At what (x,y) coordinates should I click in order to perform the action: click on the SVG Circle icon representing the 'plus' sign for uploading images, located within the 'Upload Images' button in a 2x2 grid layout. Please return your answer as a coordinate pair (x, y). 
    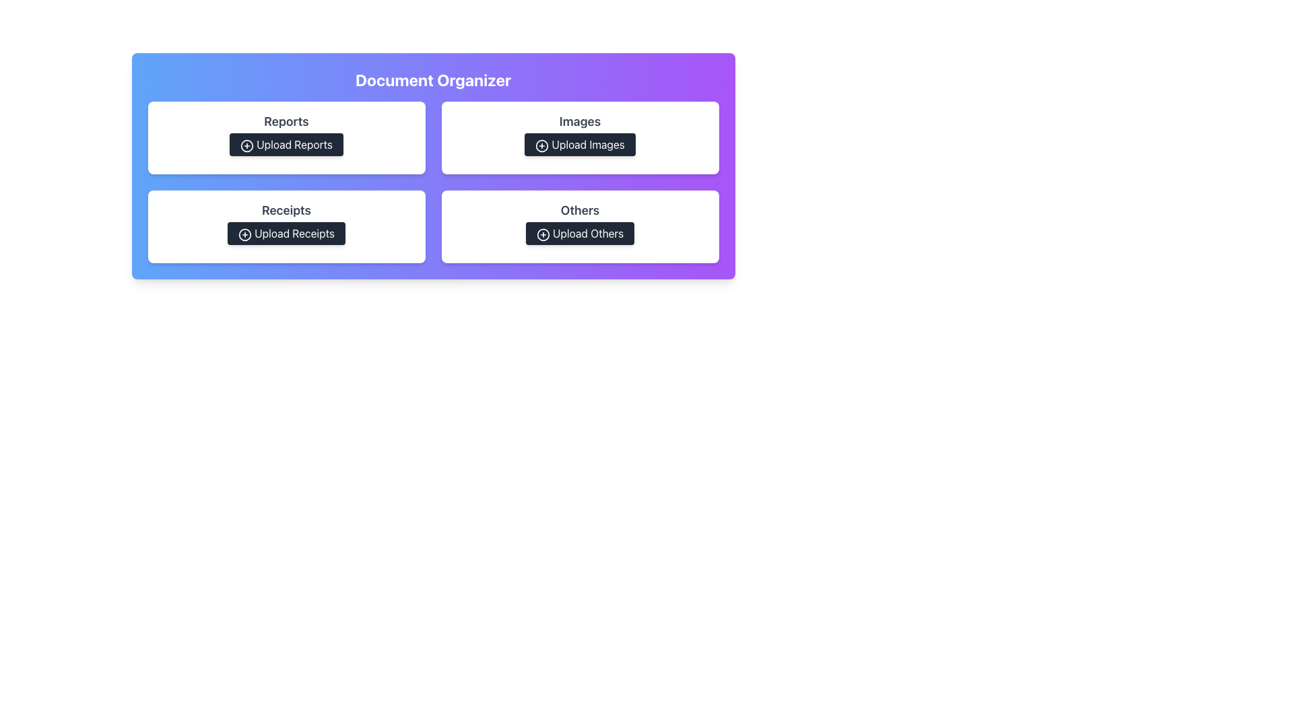
    Looking at the image, I should click on (542, 145).